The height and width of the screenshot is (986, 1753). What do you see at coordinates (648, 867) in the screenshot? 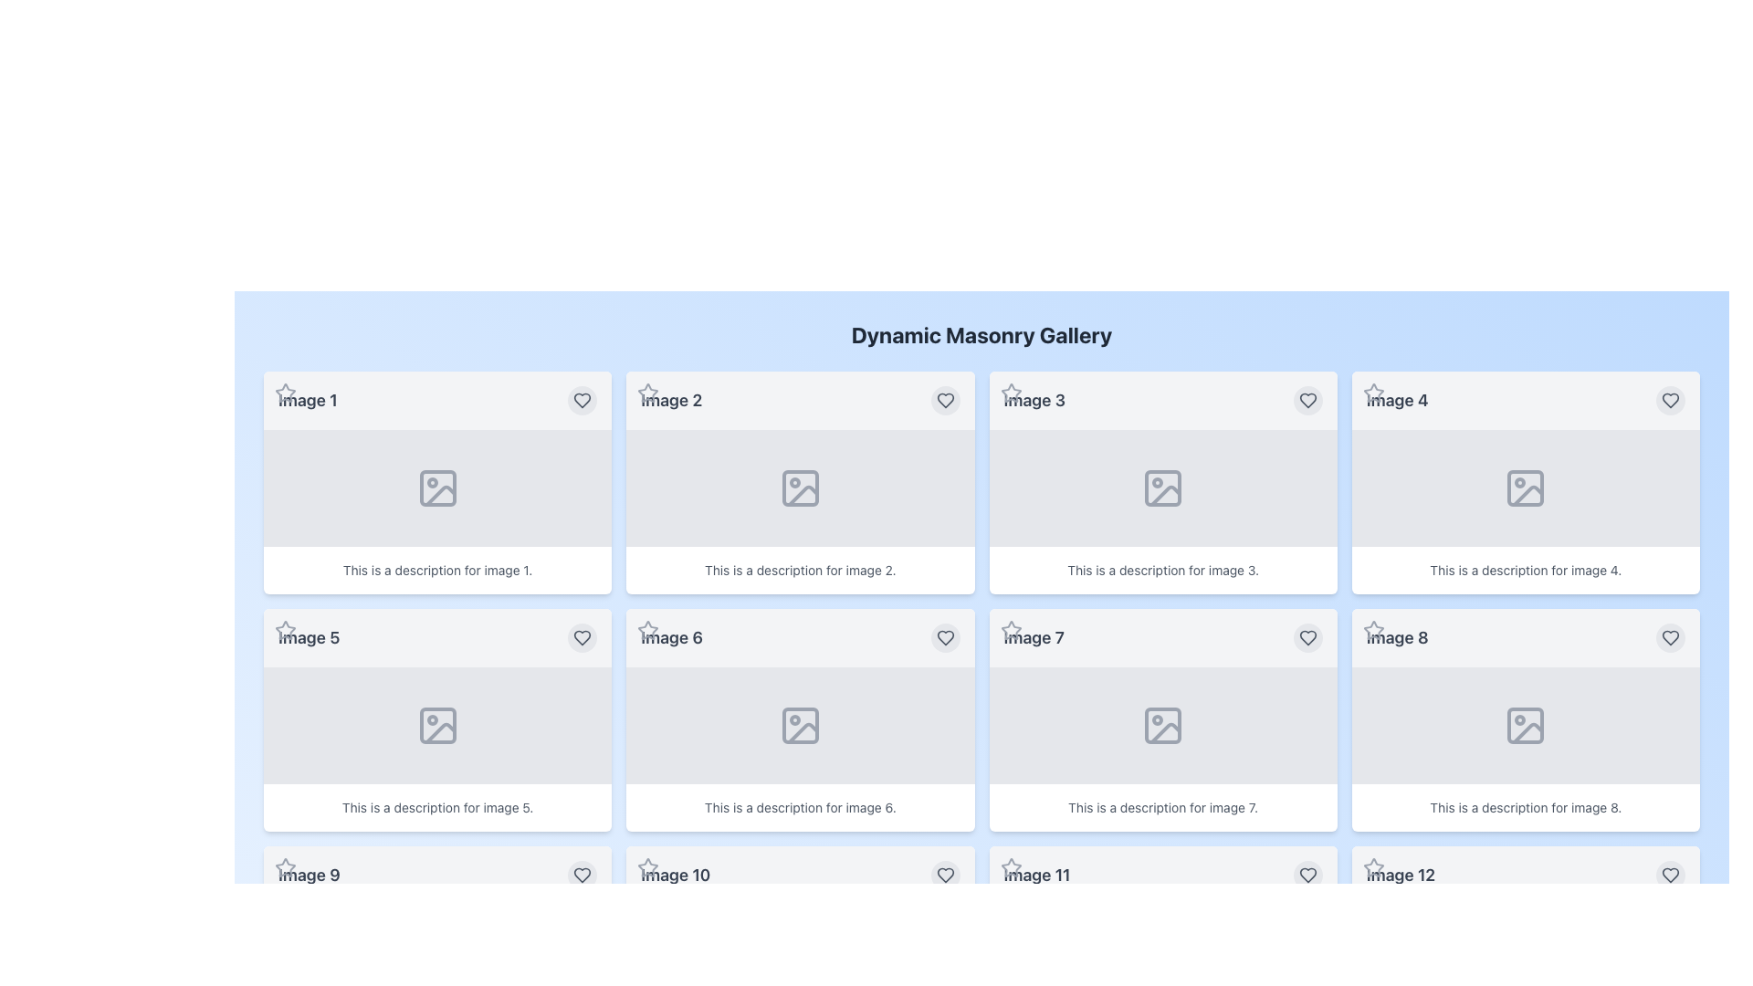
I see `the star icon located at the top-left corner of the card labeled 'Image 10'` at bounding box center [648, 867].